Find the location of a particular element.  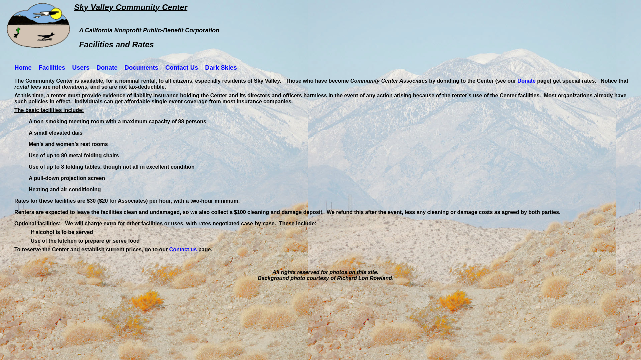

'Contact us' is located at coordinates (183, 249).